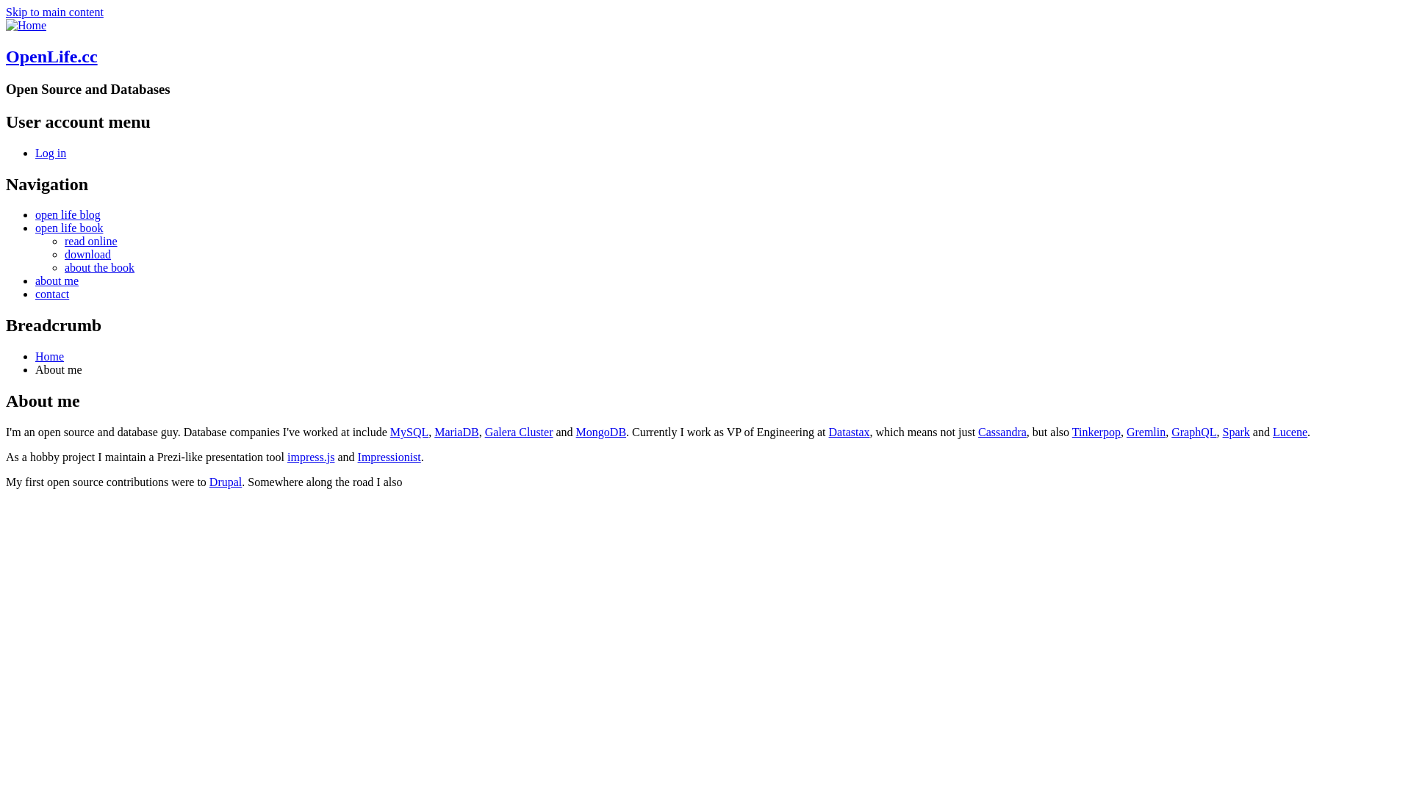 The height and width of the screenshot is (793, 1411). What do you see at coordinates (1170, 431) in the screenshot?
I see `'GraphQL'` at bounding box center [1170, 431].